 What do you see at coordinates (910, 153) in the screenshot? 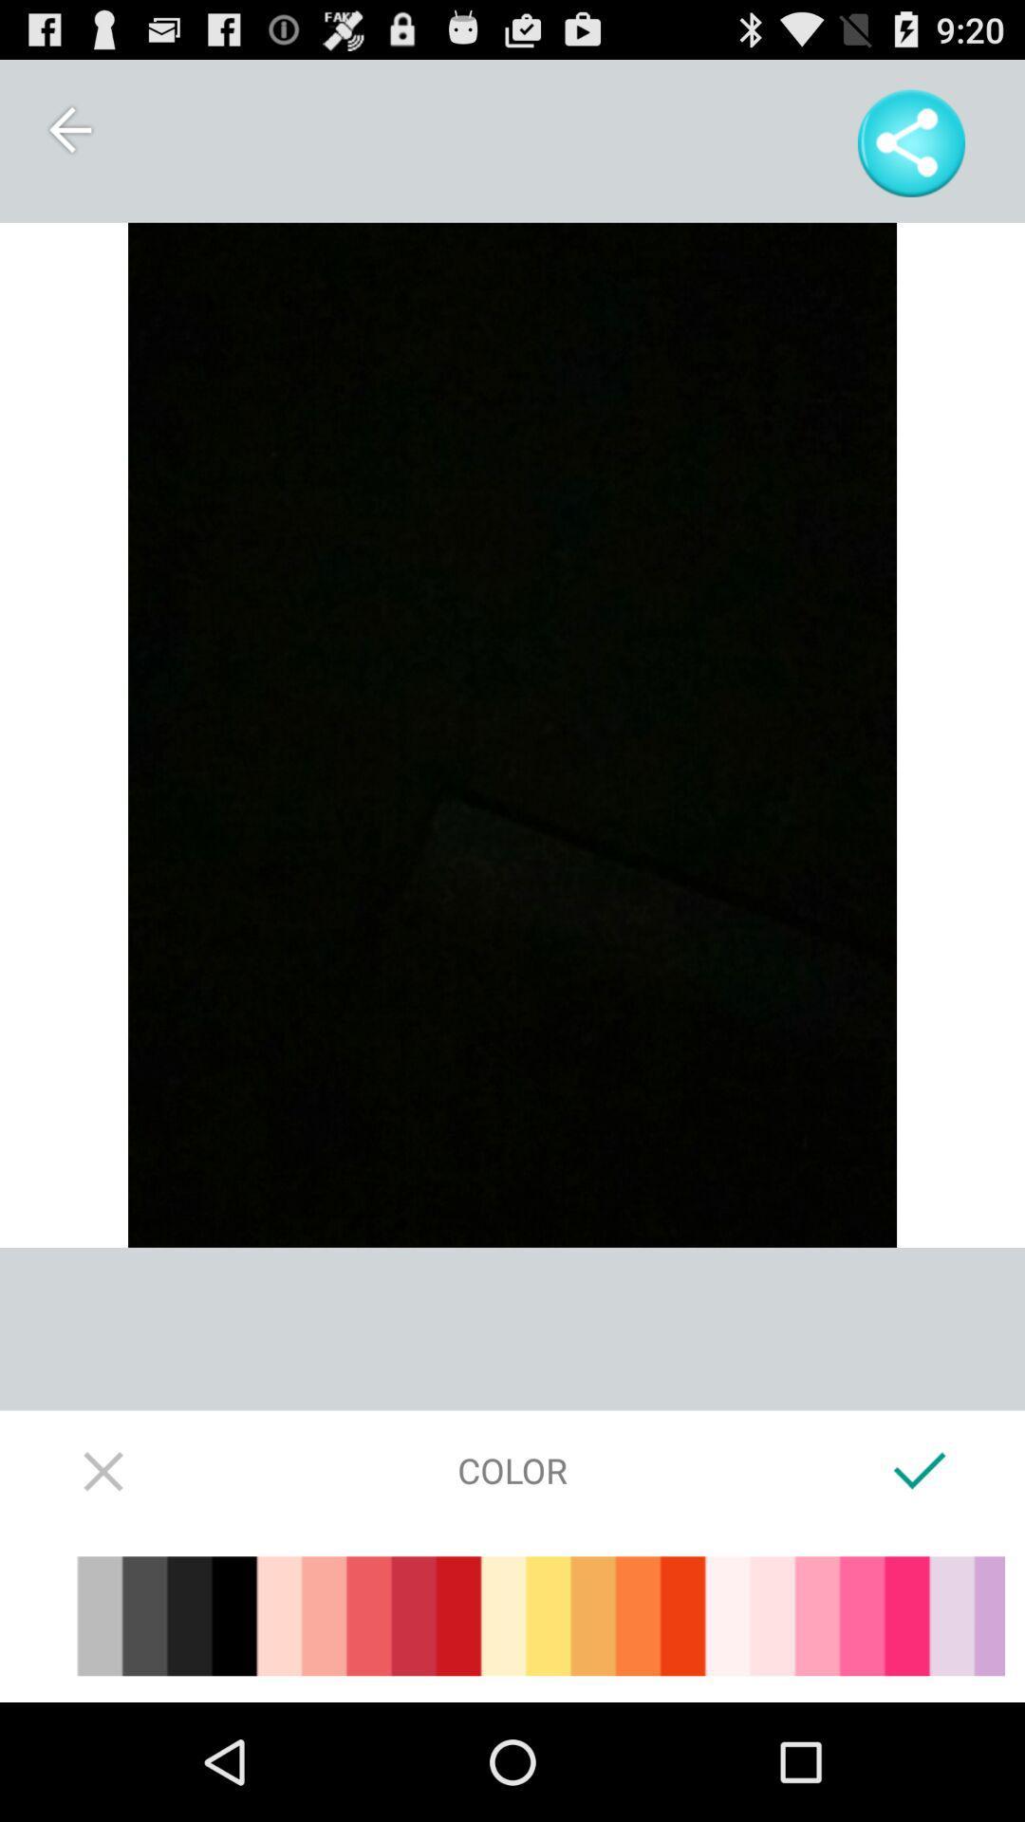
I see `the share icon` at bounding box center [910, 153].